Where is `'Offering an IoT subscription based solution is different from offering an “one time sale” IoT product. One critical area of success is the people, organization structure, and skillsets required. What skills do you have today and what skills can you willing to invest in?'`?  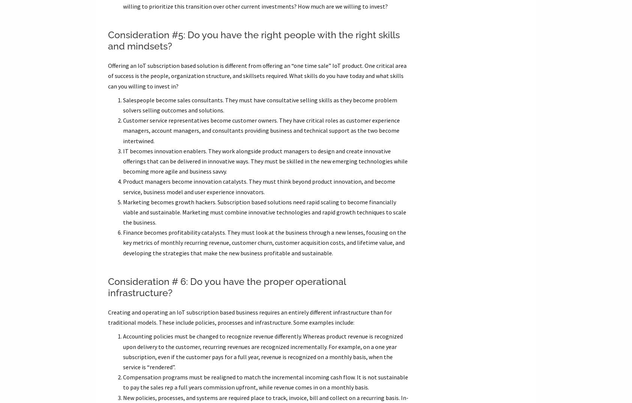 'Offering an IoT subscription based solution is different from offering an “one time sale” IoT product. One critical area of success is the people, organization structure, and skillsets required. What skills do you have today and what skills can you willing to invest in?' is located at coordinates (256, 75).